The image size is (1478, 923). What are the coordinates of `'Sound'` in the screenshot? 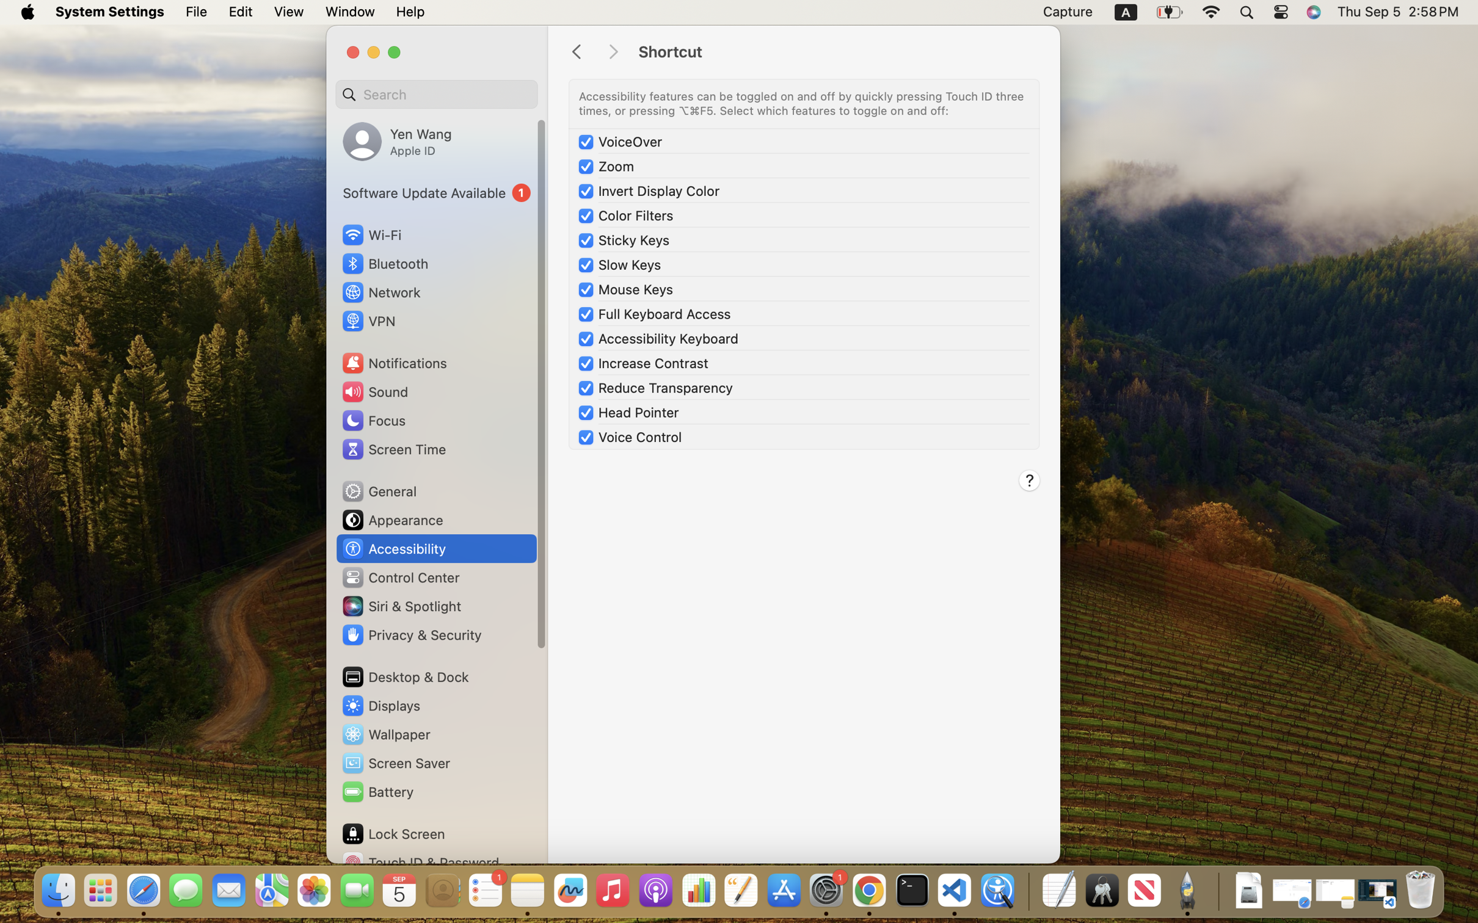 It's located at (374, 391).